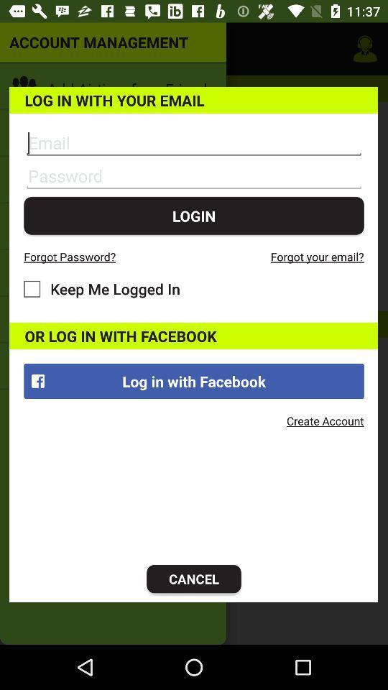  I want to click on the item below forgot password?, so click(101, 288).